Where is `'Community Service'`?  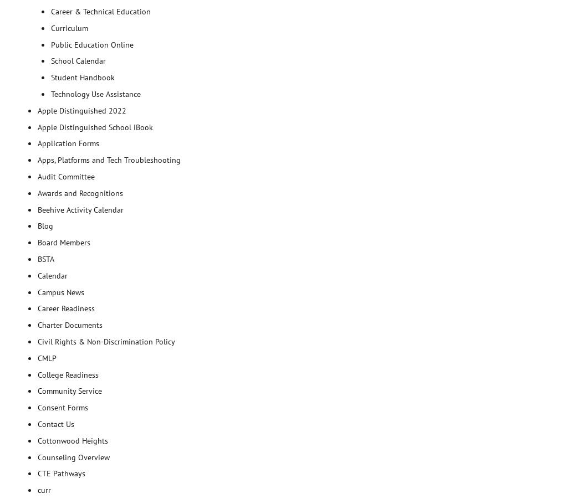
'Community Service' is located at coordinates (69, 391).